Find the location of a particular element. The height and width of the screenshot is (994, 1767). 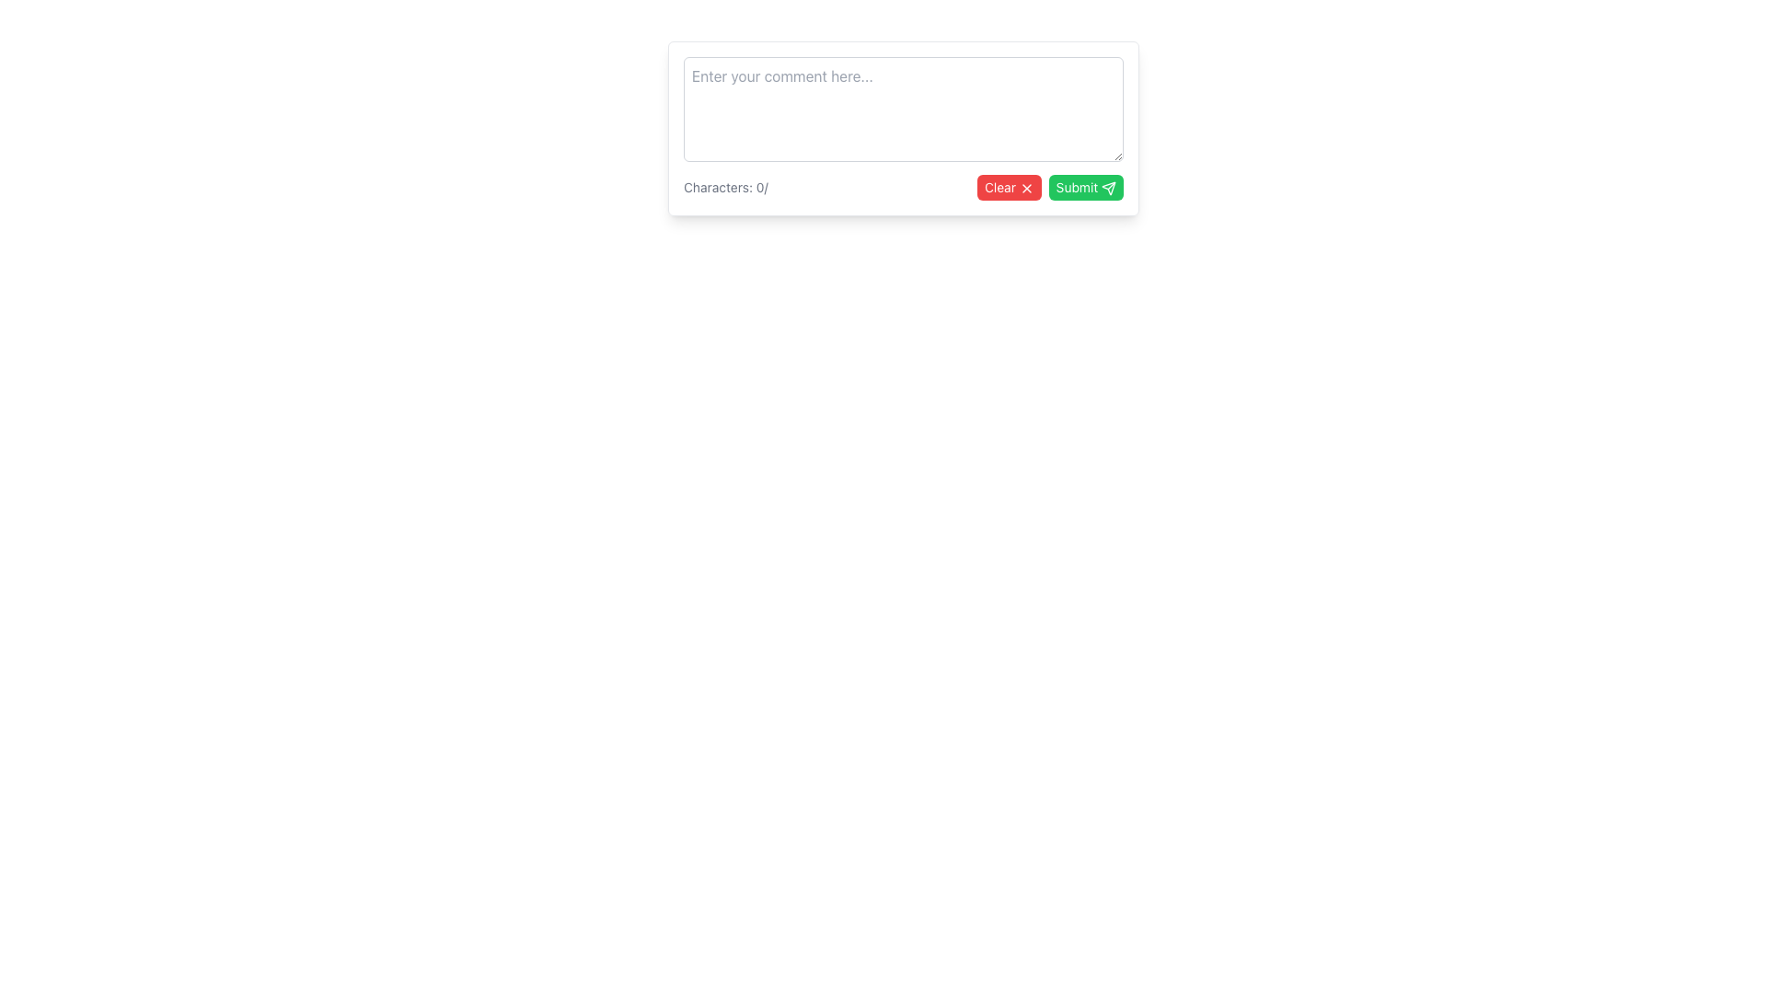

the green 'Submit' button with rounded corners and a small arrow icon to observe visual feedback is located at coordinates (1054, 214).